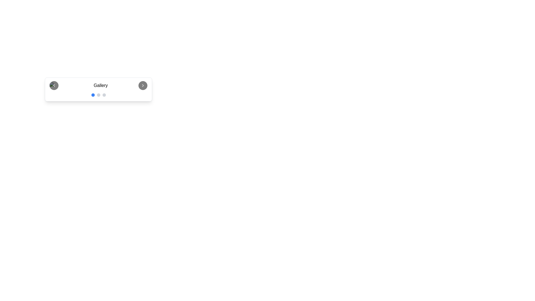  I want to click on the button on the left side of the gallery, so click(54, 86).